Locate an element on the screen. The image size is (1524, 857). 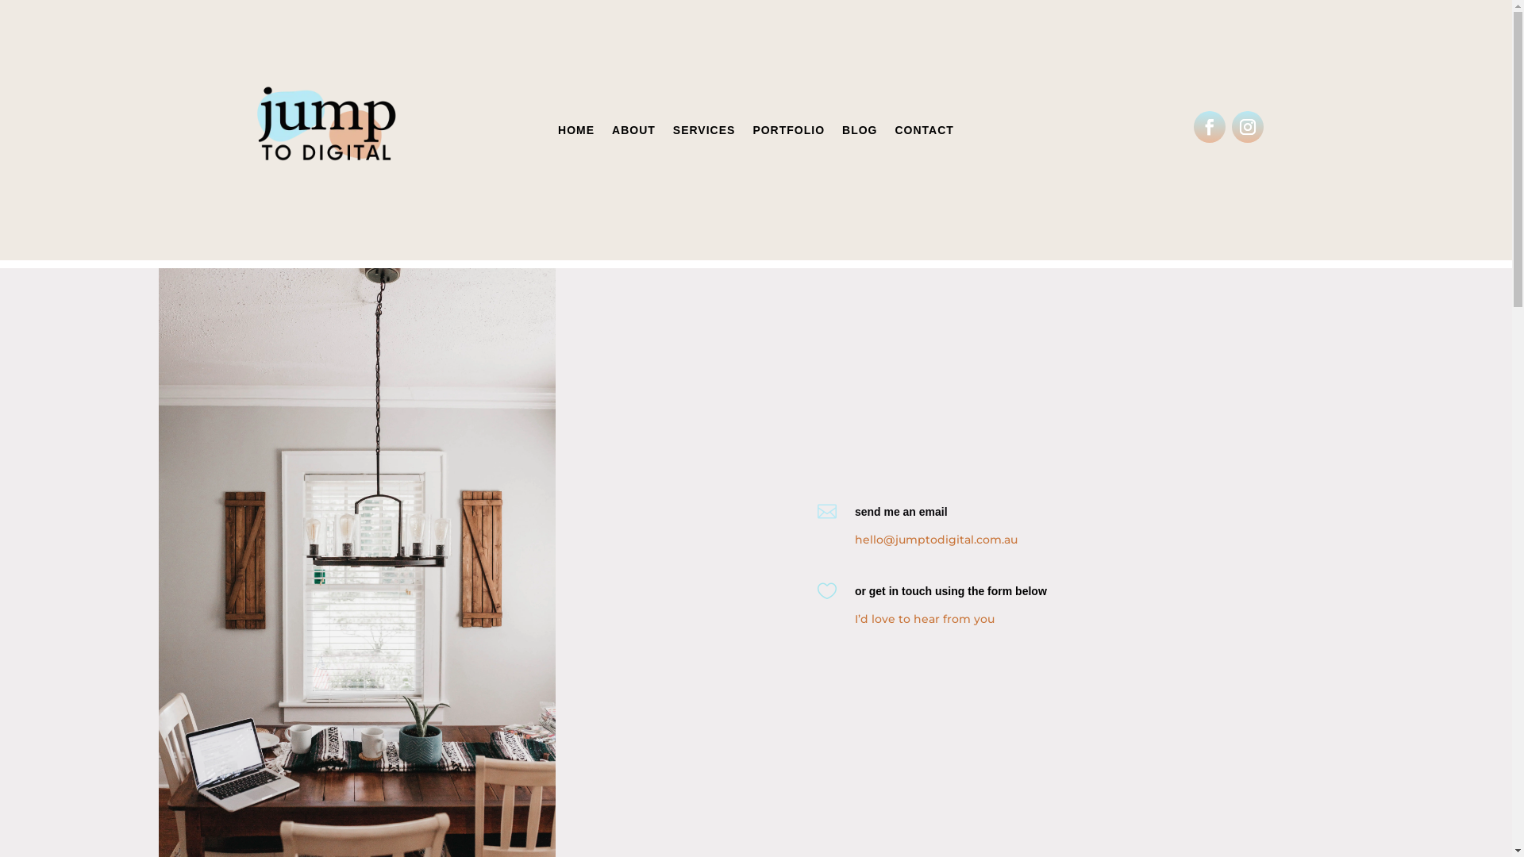
'SERVICES' is located at coordinates (703, 133).